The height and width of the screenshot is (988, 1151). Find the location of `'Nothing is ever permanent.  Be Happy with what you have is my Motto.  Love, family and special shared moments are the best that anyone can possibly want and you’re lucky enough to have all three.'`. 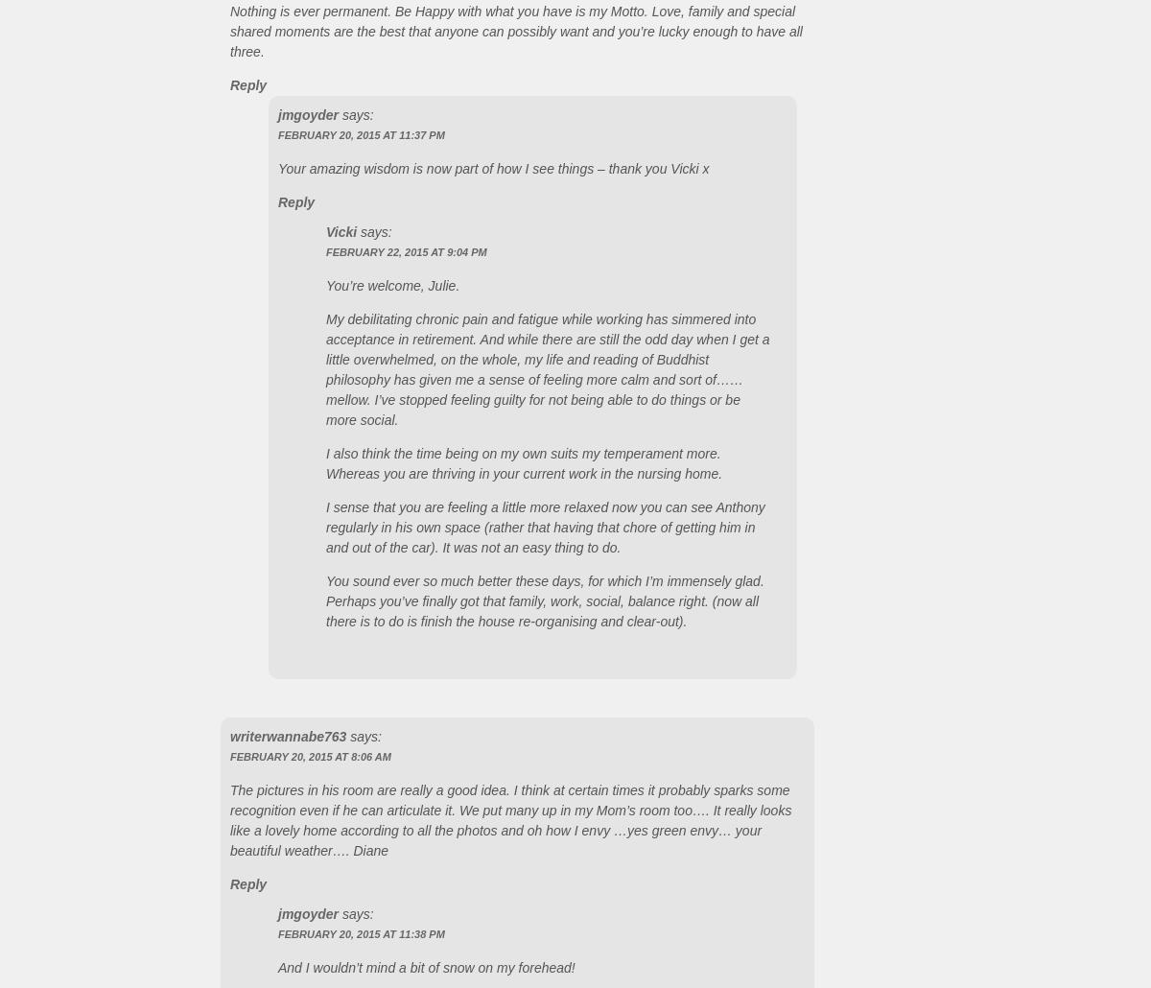

'Nothing is ever permanent.  Be Happy with what you have is my Motto.  Love, family and special shared moments are the best that anyone can possibly want and you’re lucky enough to have all three.' is located at coordinates (514, 31).